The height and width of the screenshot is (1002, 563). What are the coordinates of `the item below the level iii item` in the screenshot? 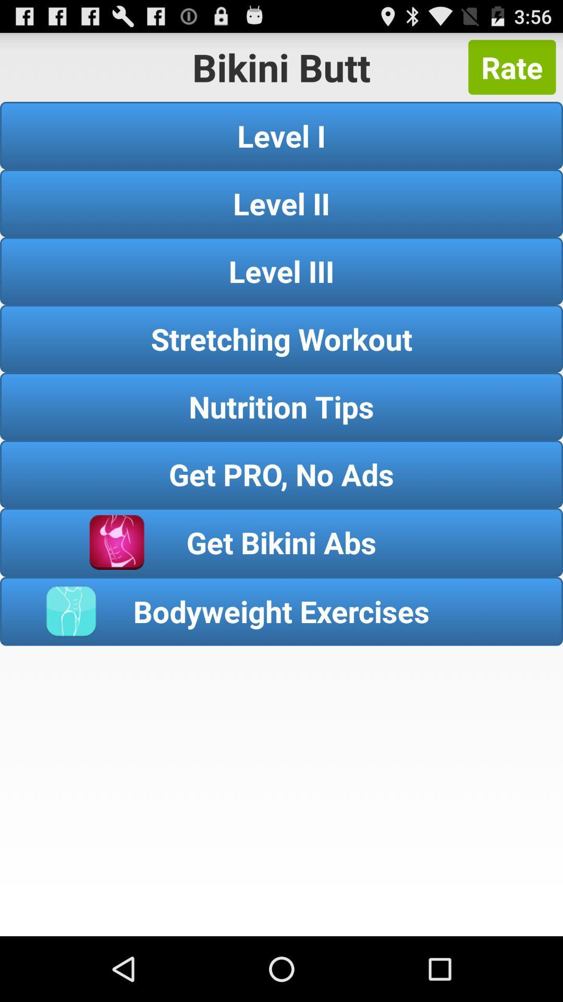 It's located at (281, 339).